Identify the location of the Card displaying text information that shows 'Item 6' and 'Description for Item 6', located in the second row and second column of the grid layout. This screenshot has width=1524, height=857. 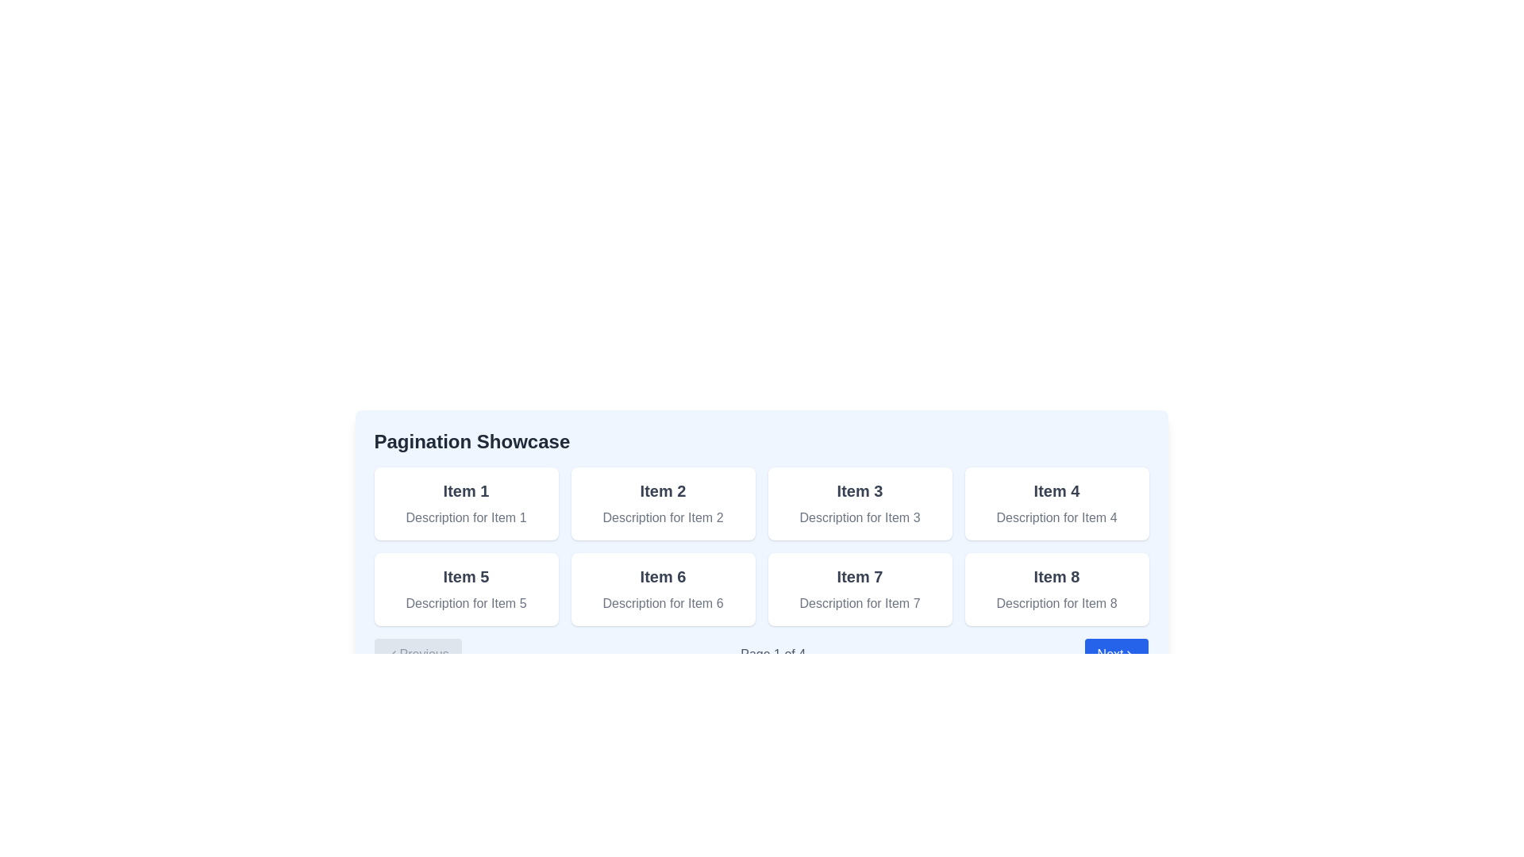
(663, 590).